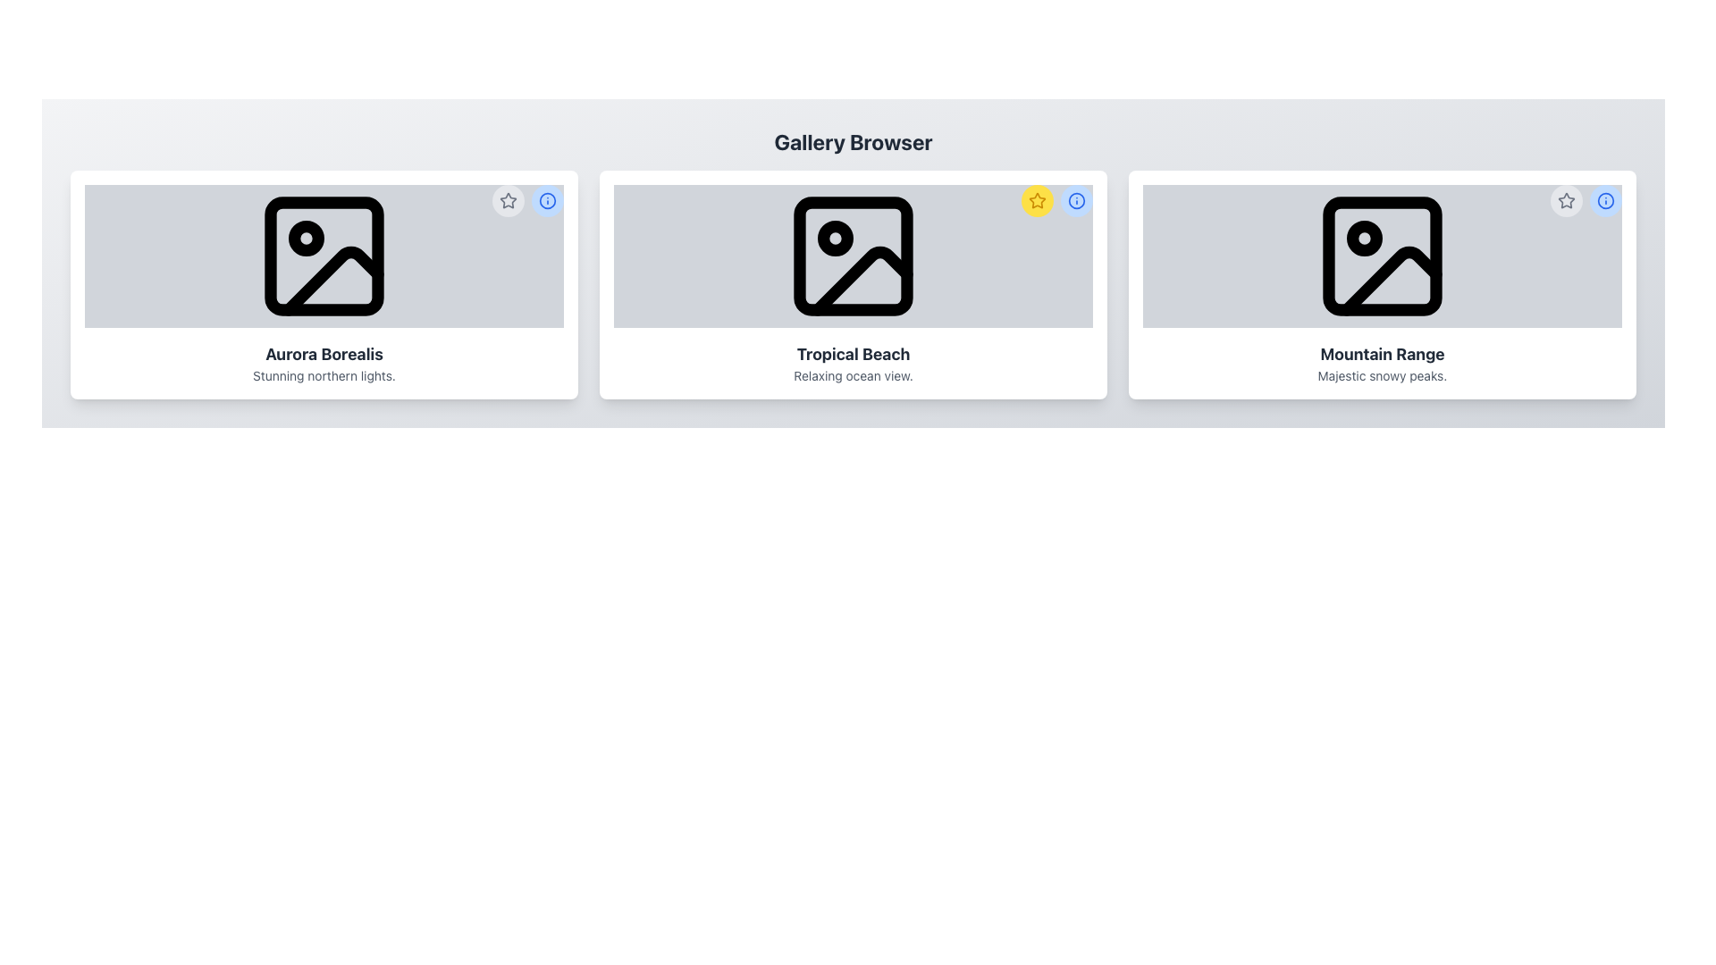 The image size is (1716, 965). Describe the element at coordinates (1390, 280) in the screenshot. I see `the decorative icon representing the mountain range in the bottom-right corner of the 'Mountain Range' card` at that location.